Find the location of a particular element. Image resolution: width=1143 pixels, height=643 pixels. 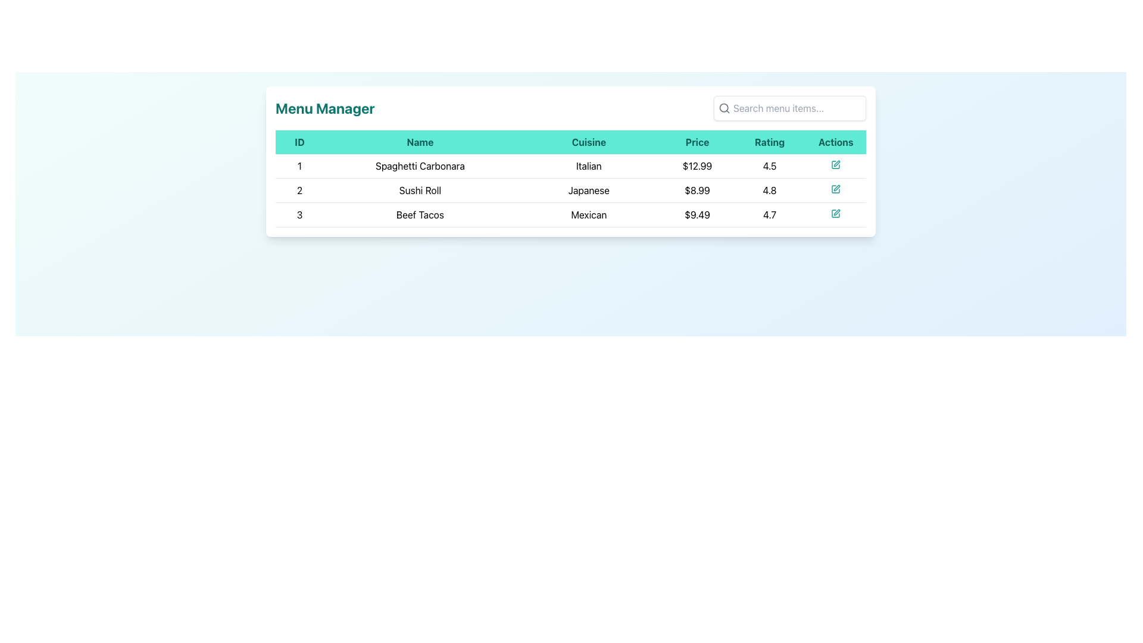

the table header row with a teal background color that contains column labels 'ID', 'Name', 'Cuisine', 'Price', 'Rating', and 'Actions' by clicking on its center point is located at coordinates (570, 142).